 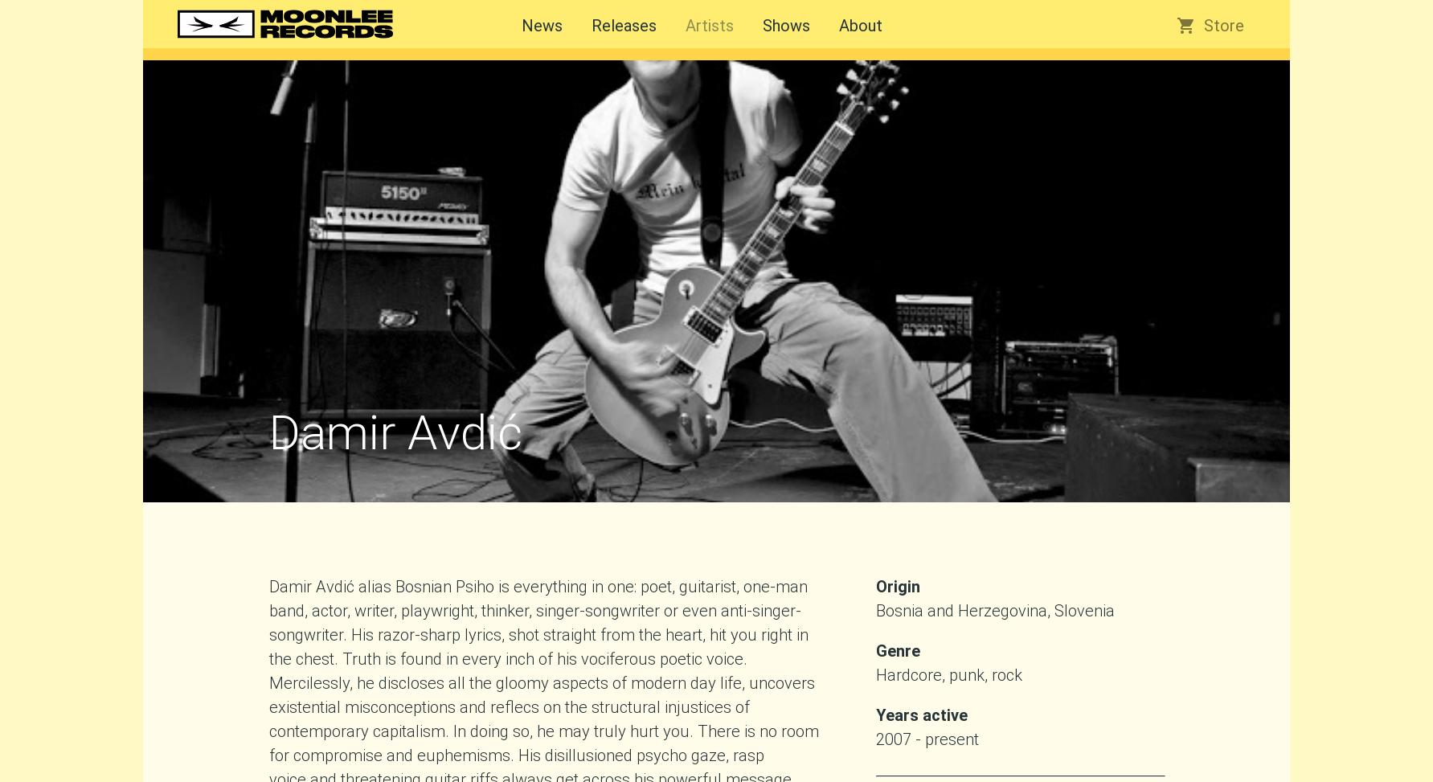 I want to click on 'Hardcore, punk, rock', so click(x=948, y=674).